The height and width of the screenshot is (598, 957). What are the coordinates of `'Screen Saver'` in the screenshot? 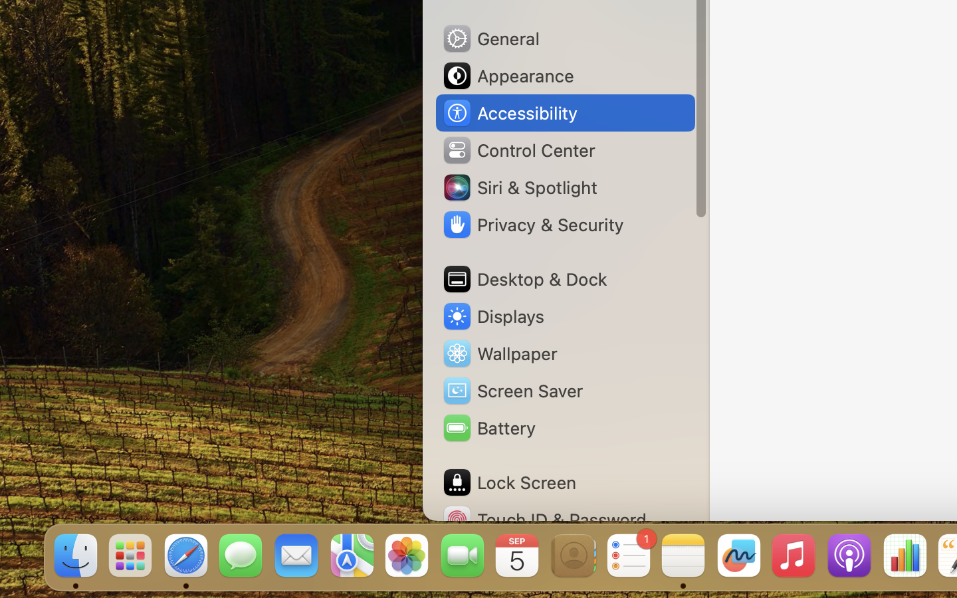 It's located at (511, 390).